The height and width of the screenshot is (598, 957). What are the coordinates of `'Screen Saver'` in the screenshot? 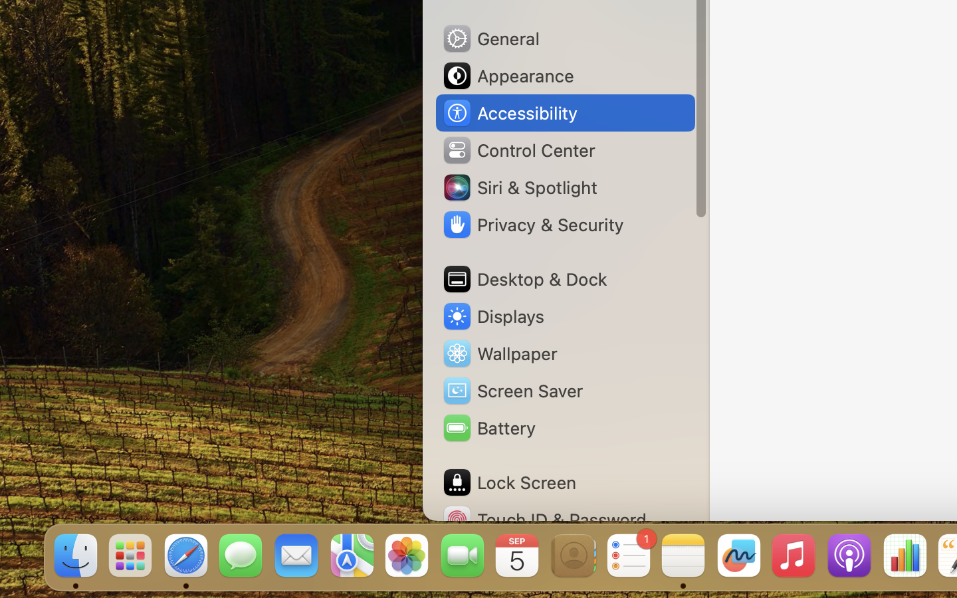 It's located at (511, 390).